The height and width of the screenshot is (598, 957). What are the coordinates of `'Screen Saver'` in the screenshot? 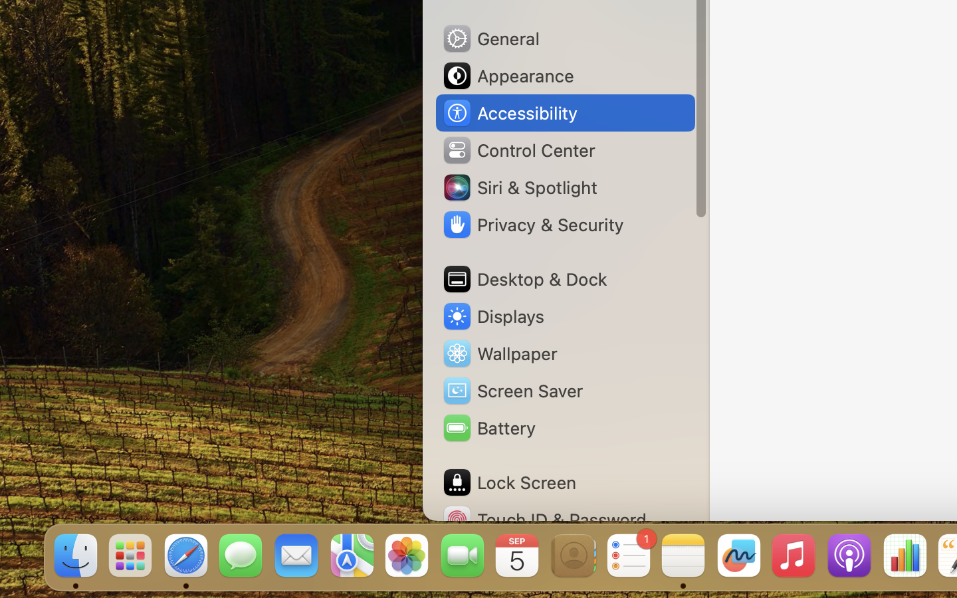 It's located at (511, 390).